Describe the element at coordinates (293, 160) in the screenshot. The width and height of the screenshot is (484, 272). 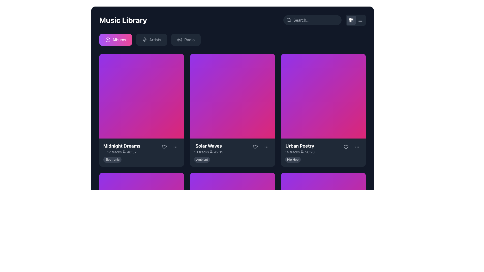
I see `the genre label for the 'Urban Poetry' album located at the bottom-left corner of the album card in the Music Library interface` at that location.